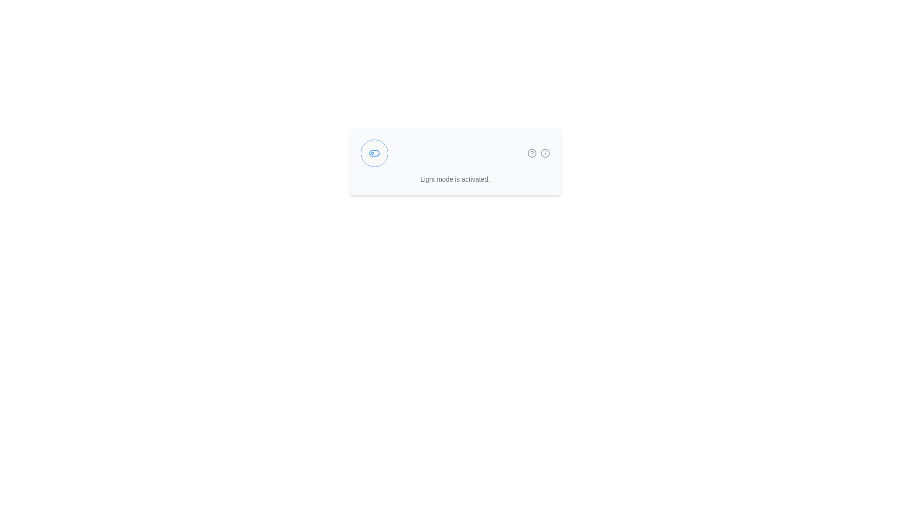 This screenshot has width=909, height=511. What do you see at coordinates (538, 153) in the screenshot?
I see `the 'info' icon on the right in the icon group that includes a question mark and an information icon, both gray and adjacent to each other` at bounding box center [538, 153].